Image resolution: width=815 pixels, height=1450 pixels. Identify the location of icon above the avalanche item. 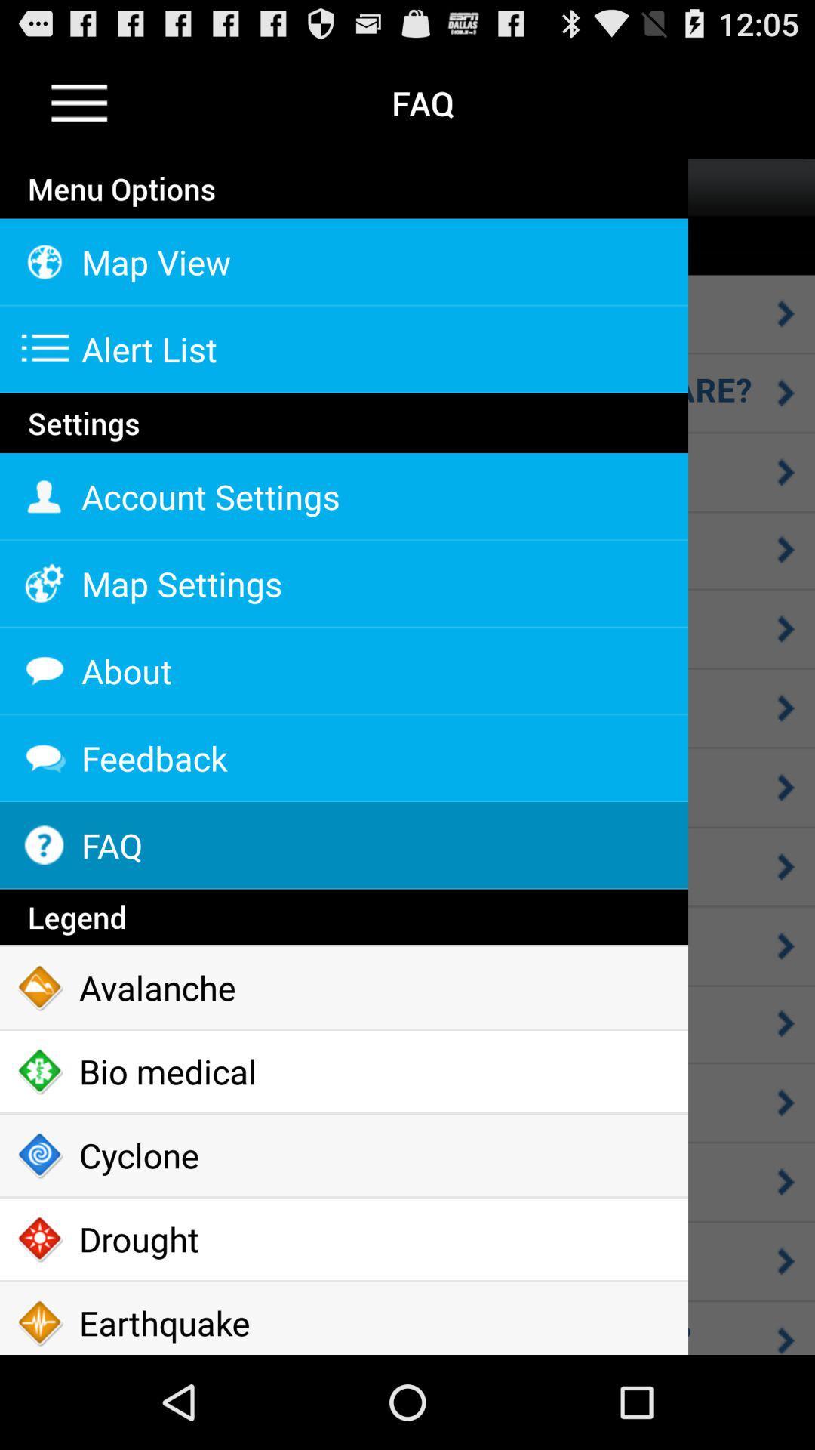
(343, 916).